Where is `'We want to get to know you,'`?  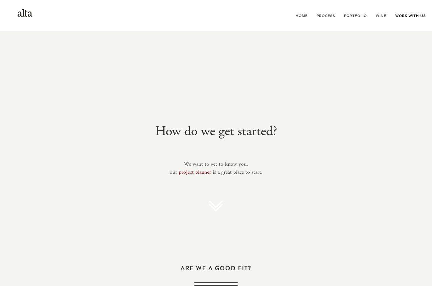
'We want to get to know you,' is located at coordinates (216, 164).